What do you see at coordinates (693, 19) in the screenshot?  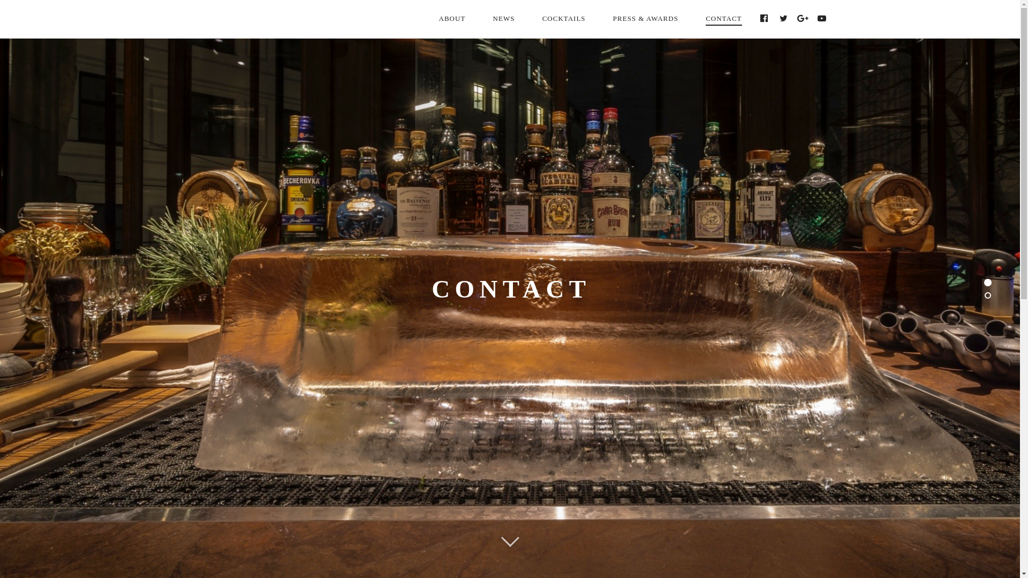 I see `'CONTACT'` at bounding box center [693, 19].